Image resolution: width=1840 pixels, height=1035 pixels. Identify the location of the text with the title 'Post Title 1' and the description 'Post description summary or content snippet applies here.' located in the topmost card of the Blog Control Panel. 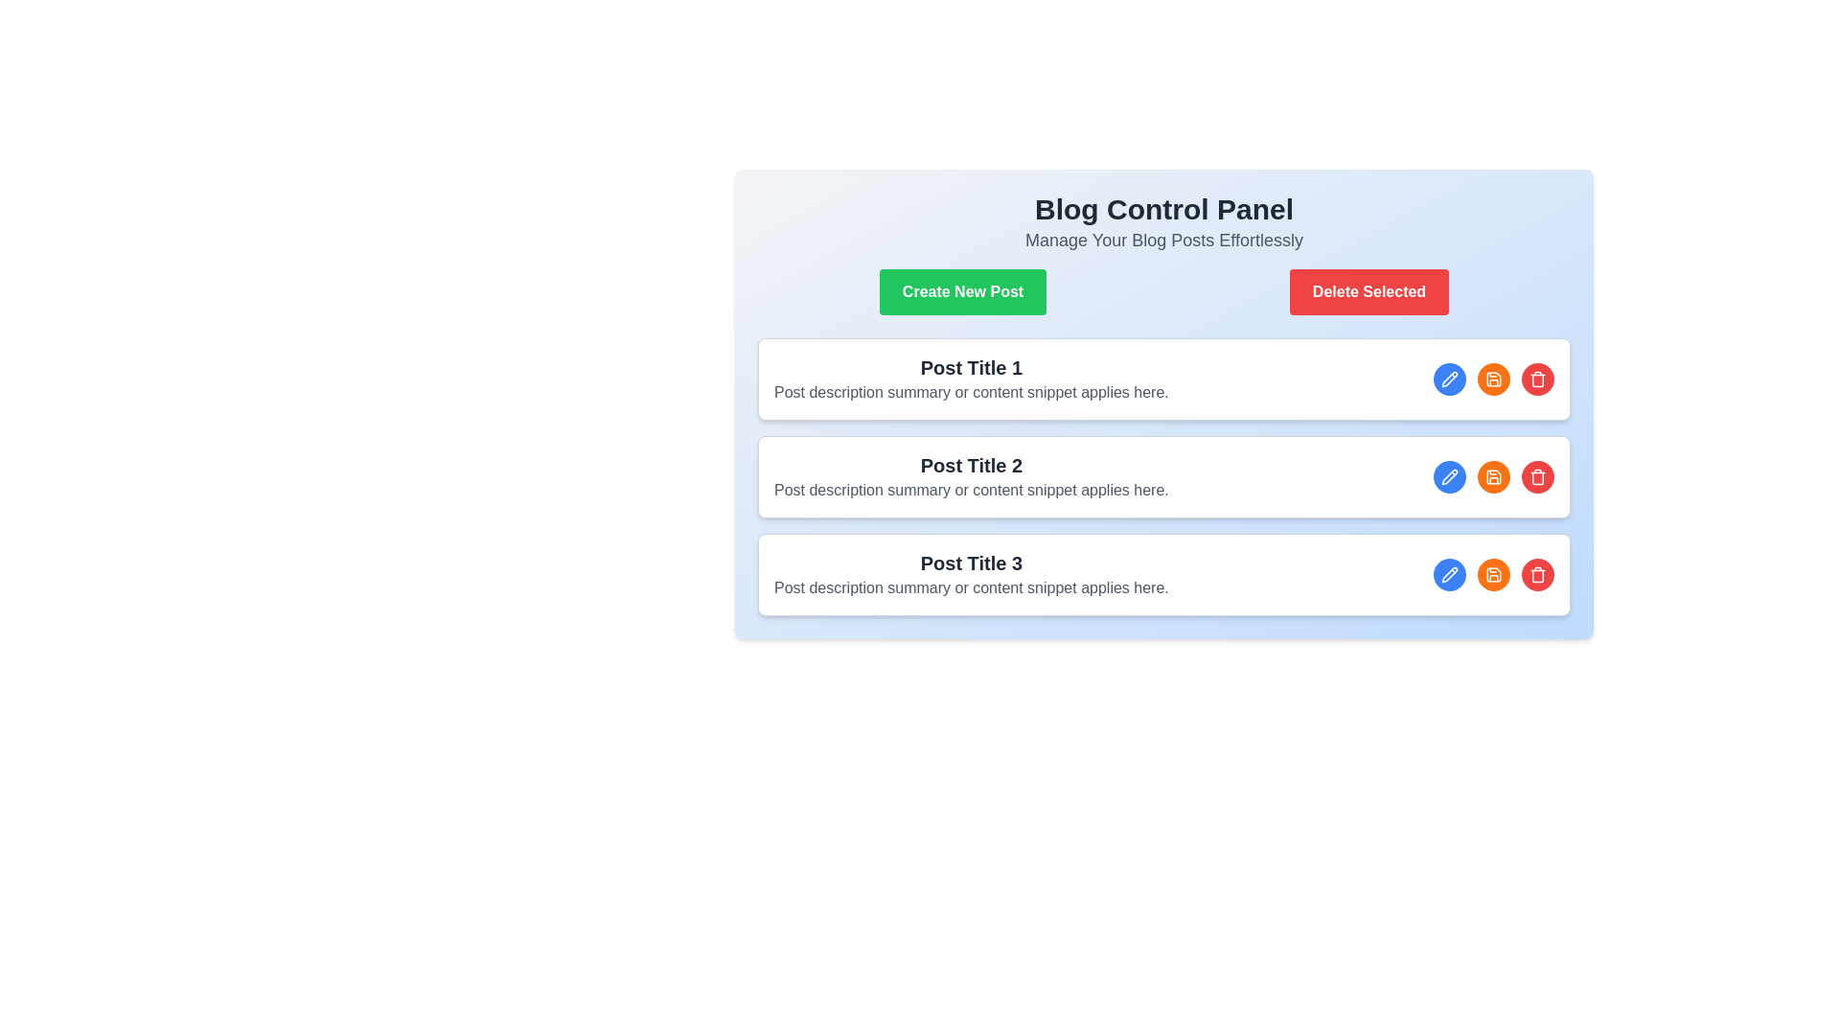
(971, 379).